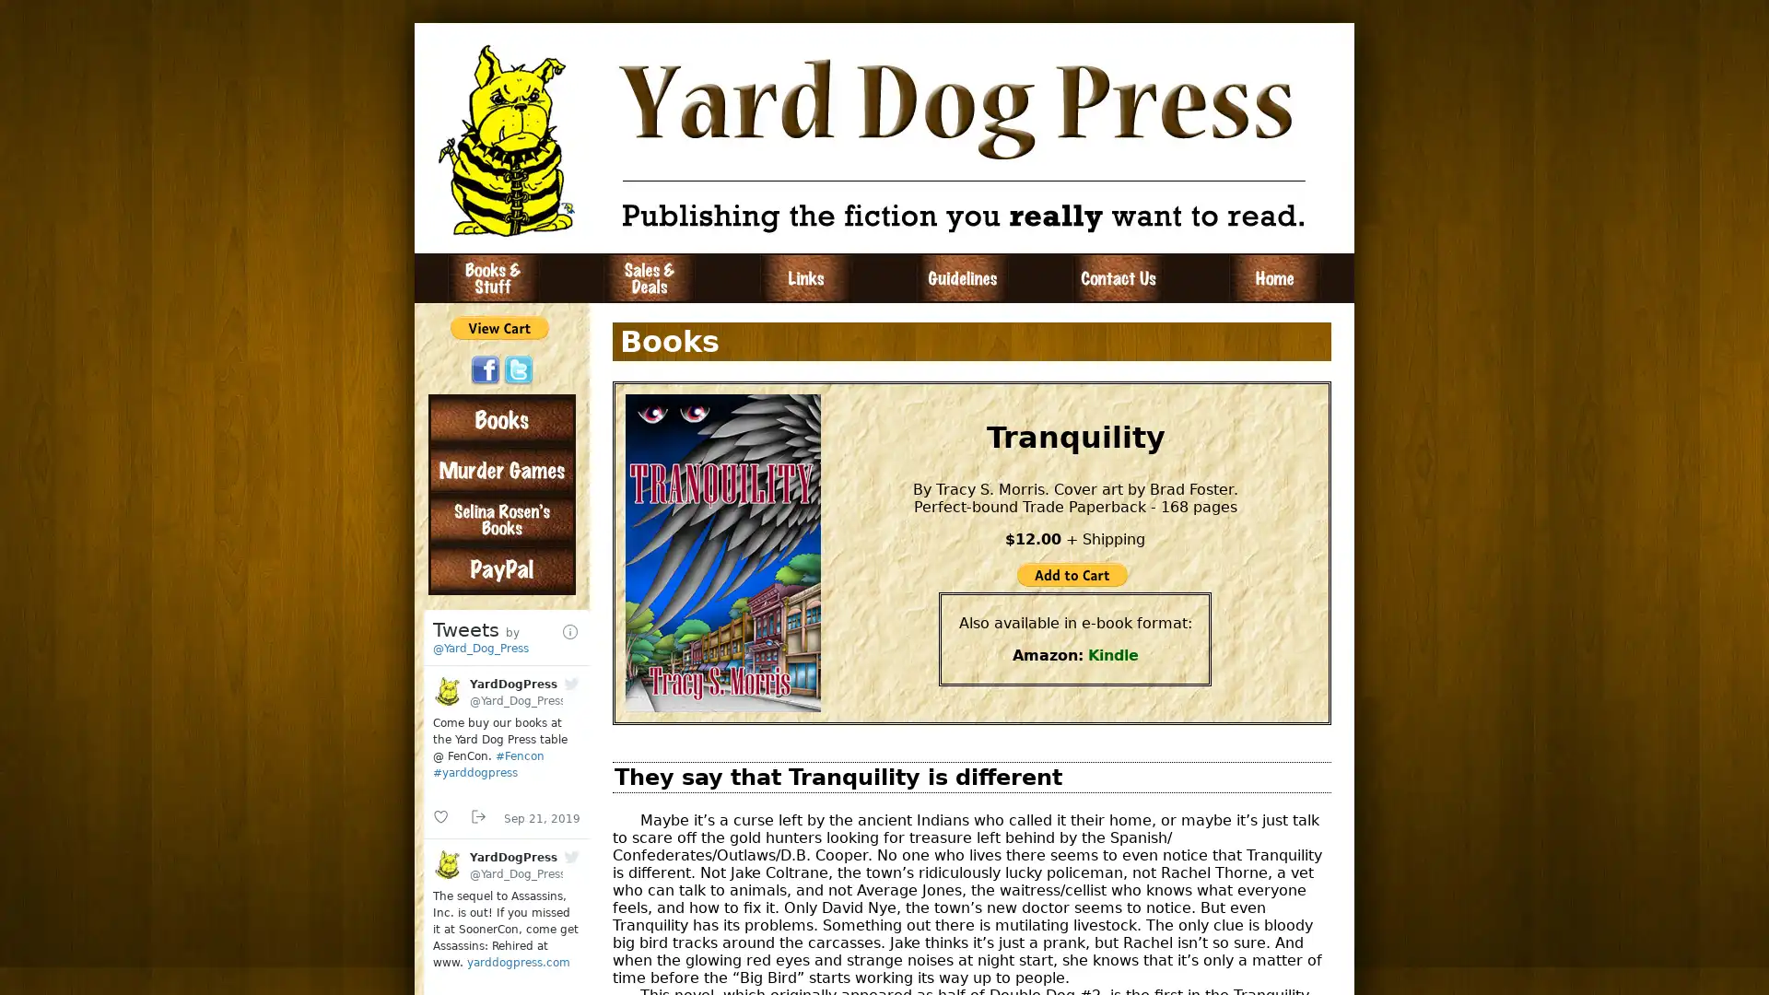 The height and width of the screenshot is (995, 1769). Describe the element at coordinates (1072, 574) in the screenshot. I see `PayPal - The safer, easier way to pay online!` at that location.